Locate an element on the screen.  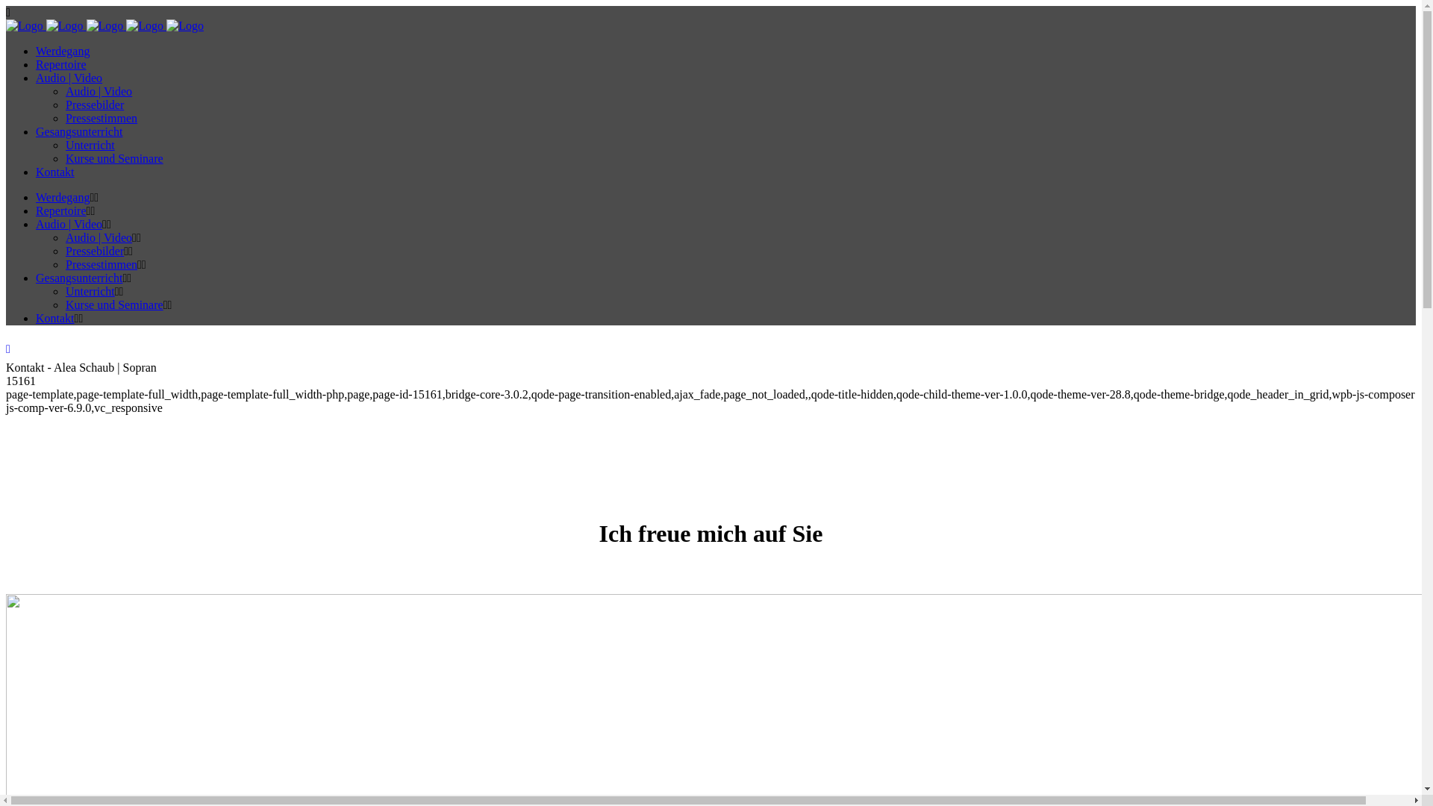
'Pressebilder' is located at coordinates (93, 104).